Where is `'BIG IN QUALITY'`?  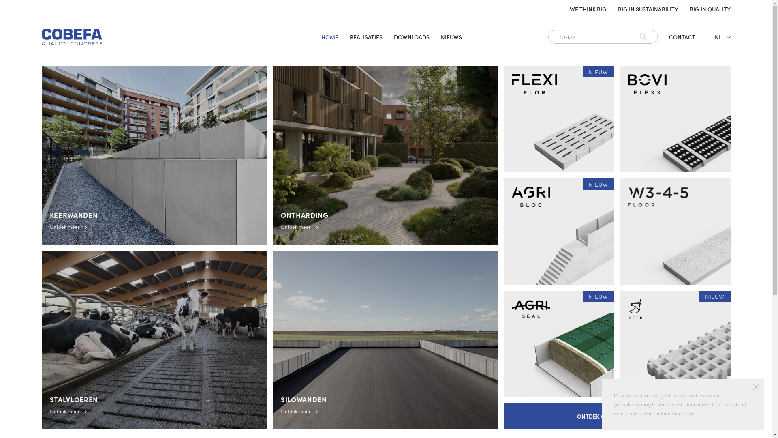
'BIG IN QUALITY' is located at coordinates (710, 9).